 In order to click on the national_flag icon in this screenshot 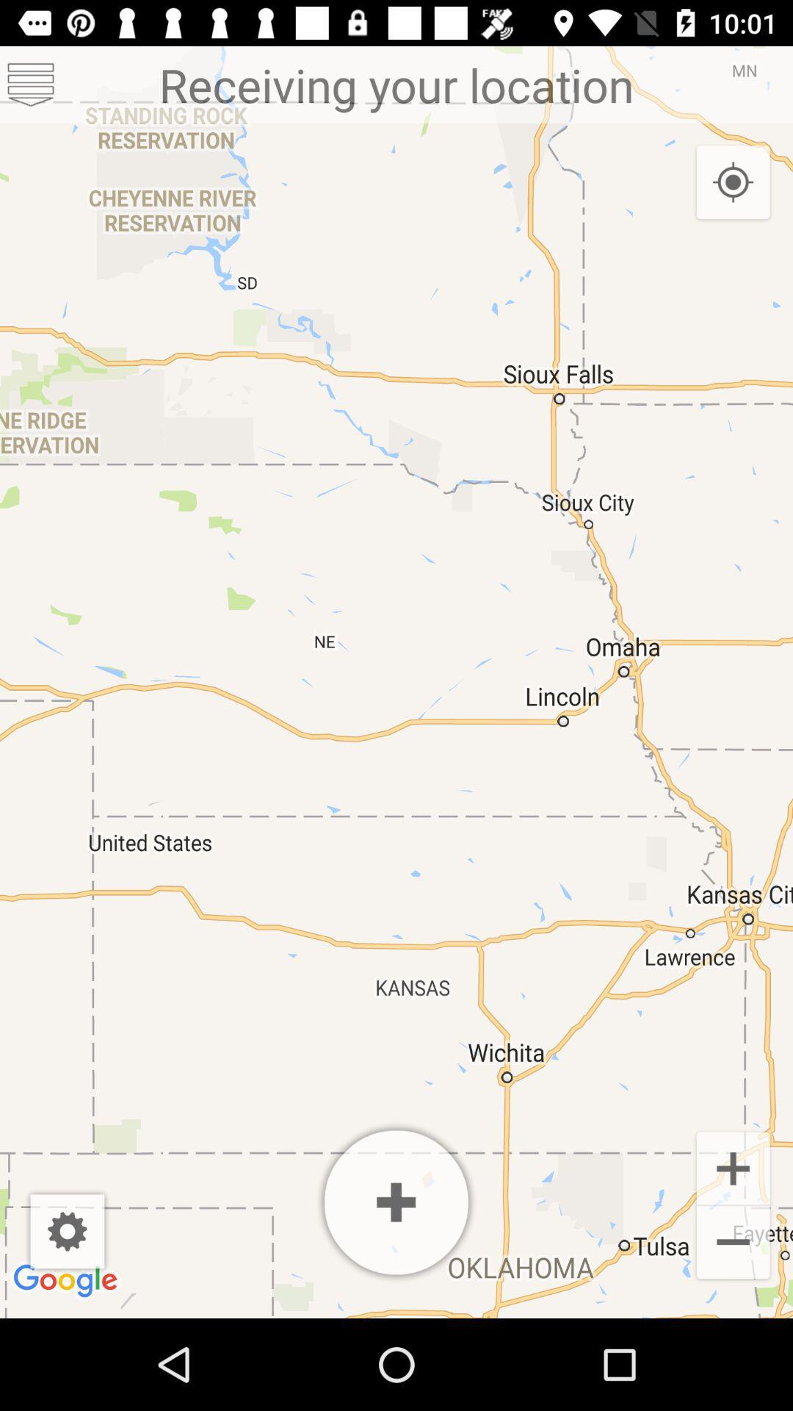, I will do `click(31, 84)`.